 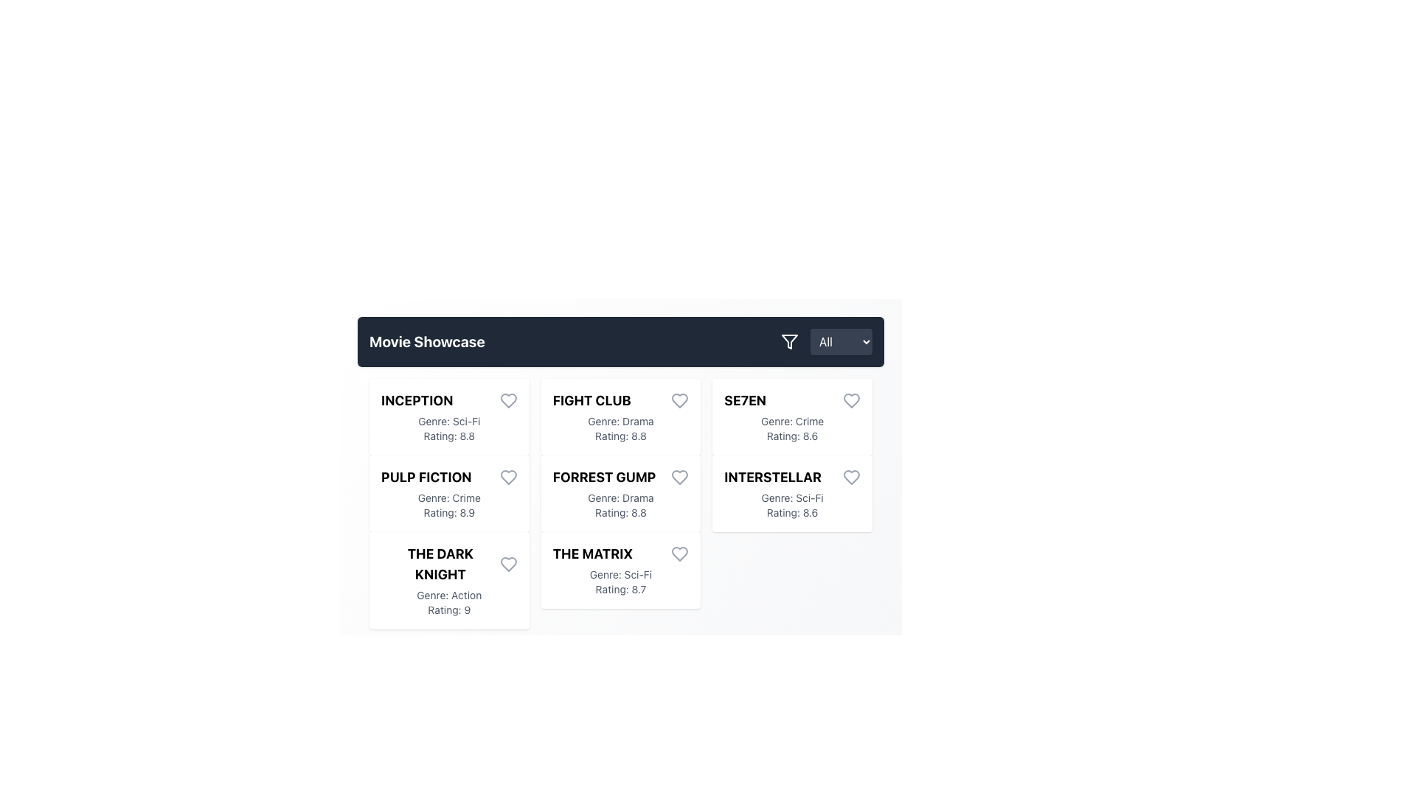 I want to click on the movie information card located at the bottom-middle position in the grid layout to interact with it, so click(x=620, y=570).